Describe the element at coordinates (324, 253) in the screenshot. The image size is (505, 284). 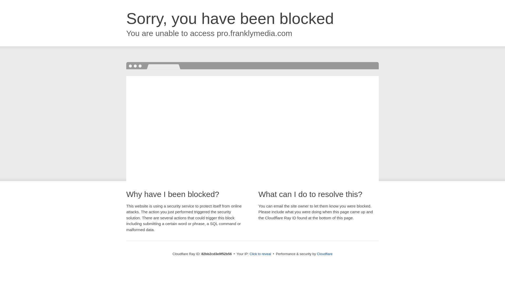
I see `'Cloudflare'` at that location.